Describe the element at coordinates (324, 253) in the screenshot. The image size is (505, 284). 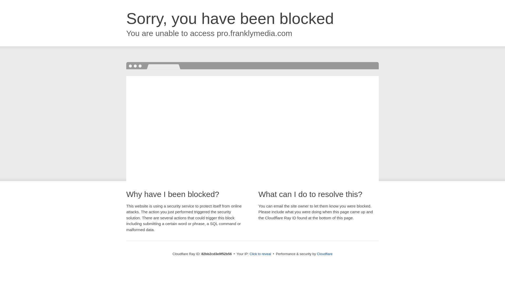
I see `'Cloudflare'` at that location.